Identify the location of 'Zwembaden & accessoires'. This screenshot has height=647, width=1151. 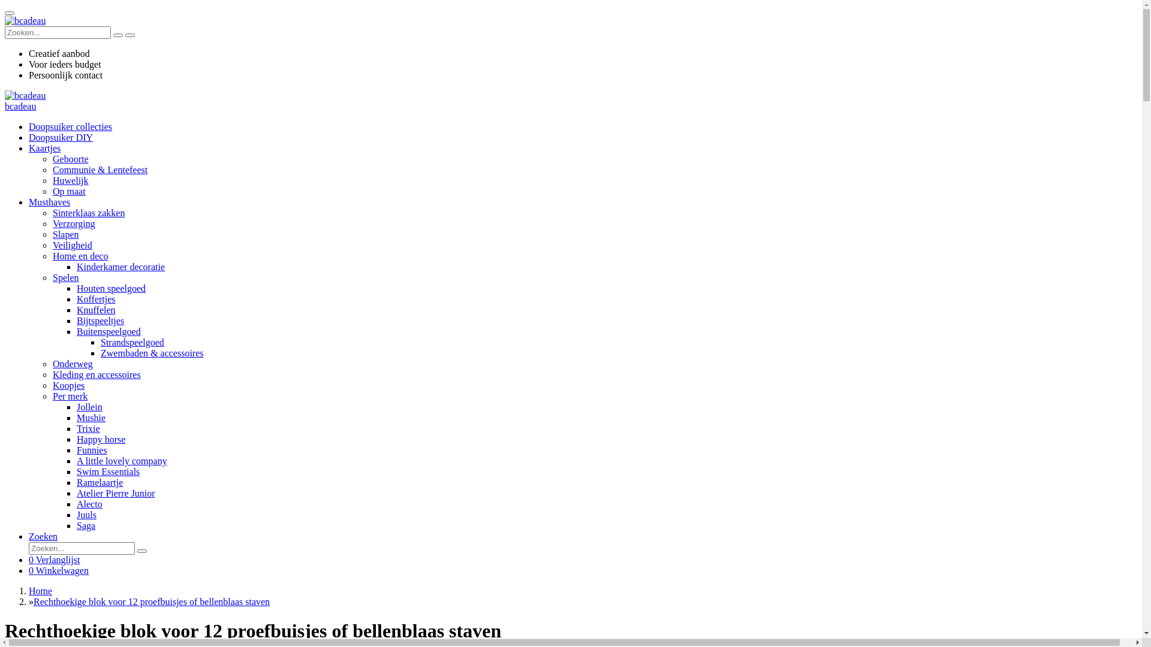
(151, 352).